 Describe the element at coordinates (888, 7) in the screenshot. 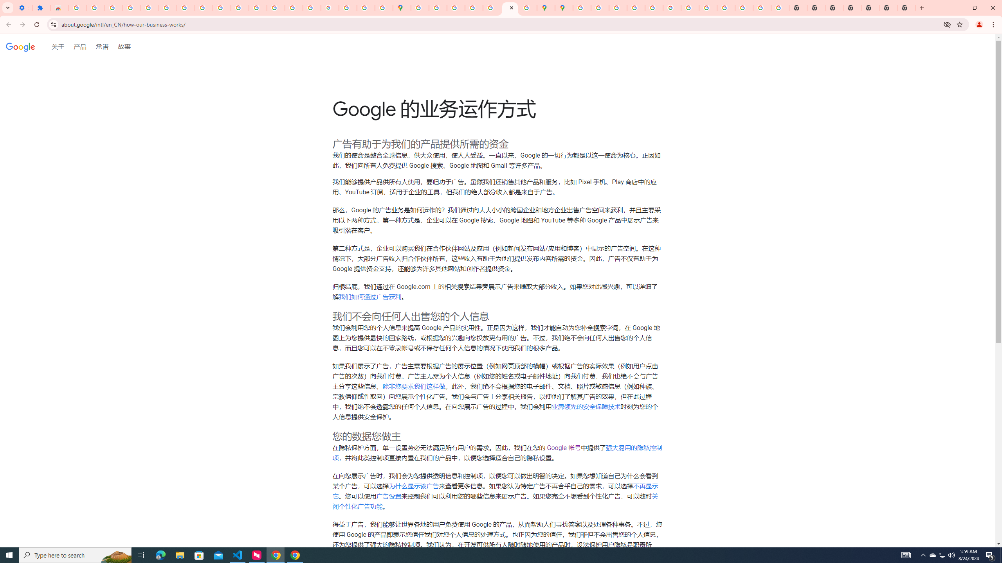

I see `'New Tab'` at that location.